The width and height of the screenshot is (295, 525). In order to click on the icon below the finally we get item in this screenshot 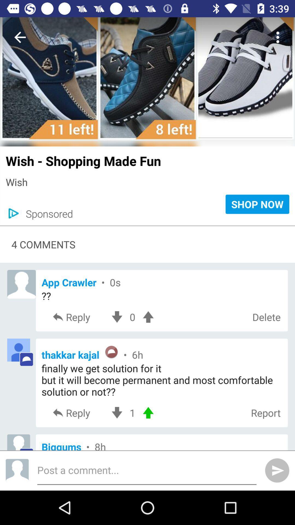, I will do `click(132, 413)`.